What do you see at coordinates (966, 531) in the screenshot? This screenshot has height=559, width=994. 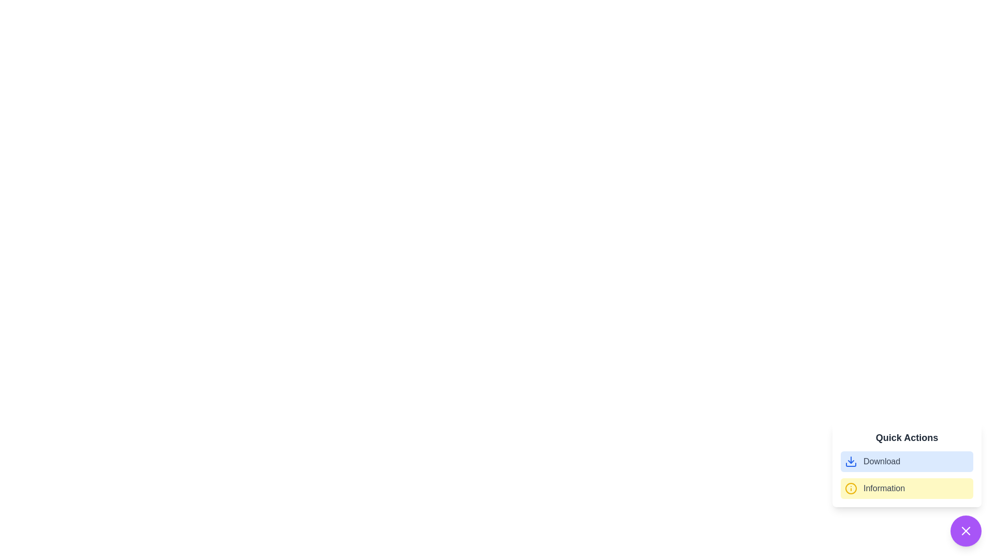 I see `the purple circular button containing the SVG line that forms a diagonal cross, representing a close or dismiss icon` at bounding box center [966, 531].